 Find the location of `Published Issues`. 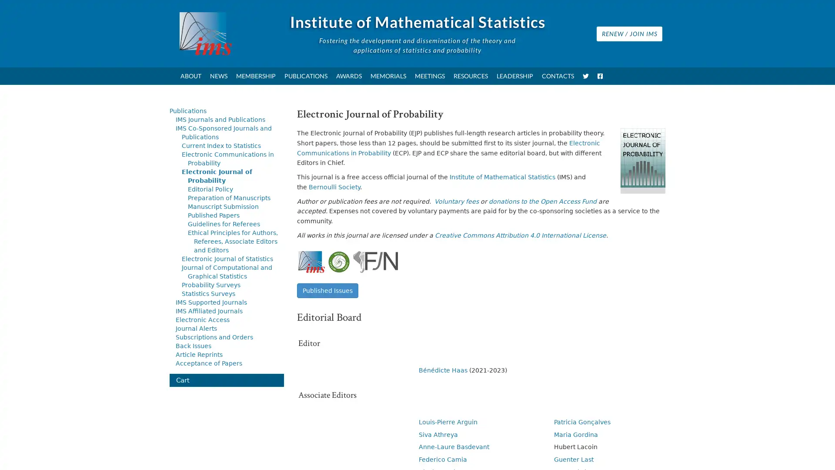

Published Issues is located at coordinates (327, 290).